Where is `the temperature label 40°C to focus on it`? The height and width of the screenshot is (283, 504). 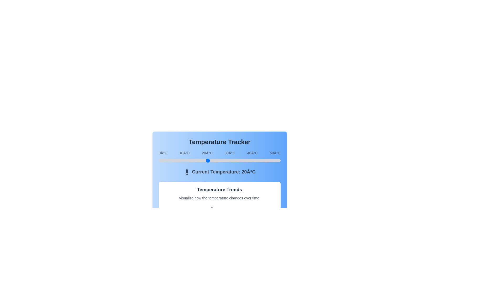
the temperature label 40°C to focus on it is located at coordinates (252, 153).